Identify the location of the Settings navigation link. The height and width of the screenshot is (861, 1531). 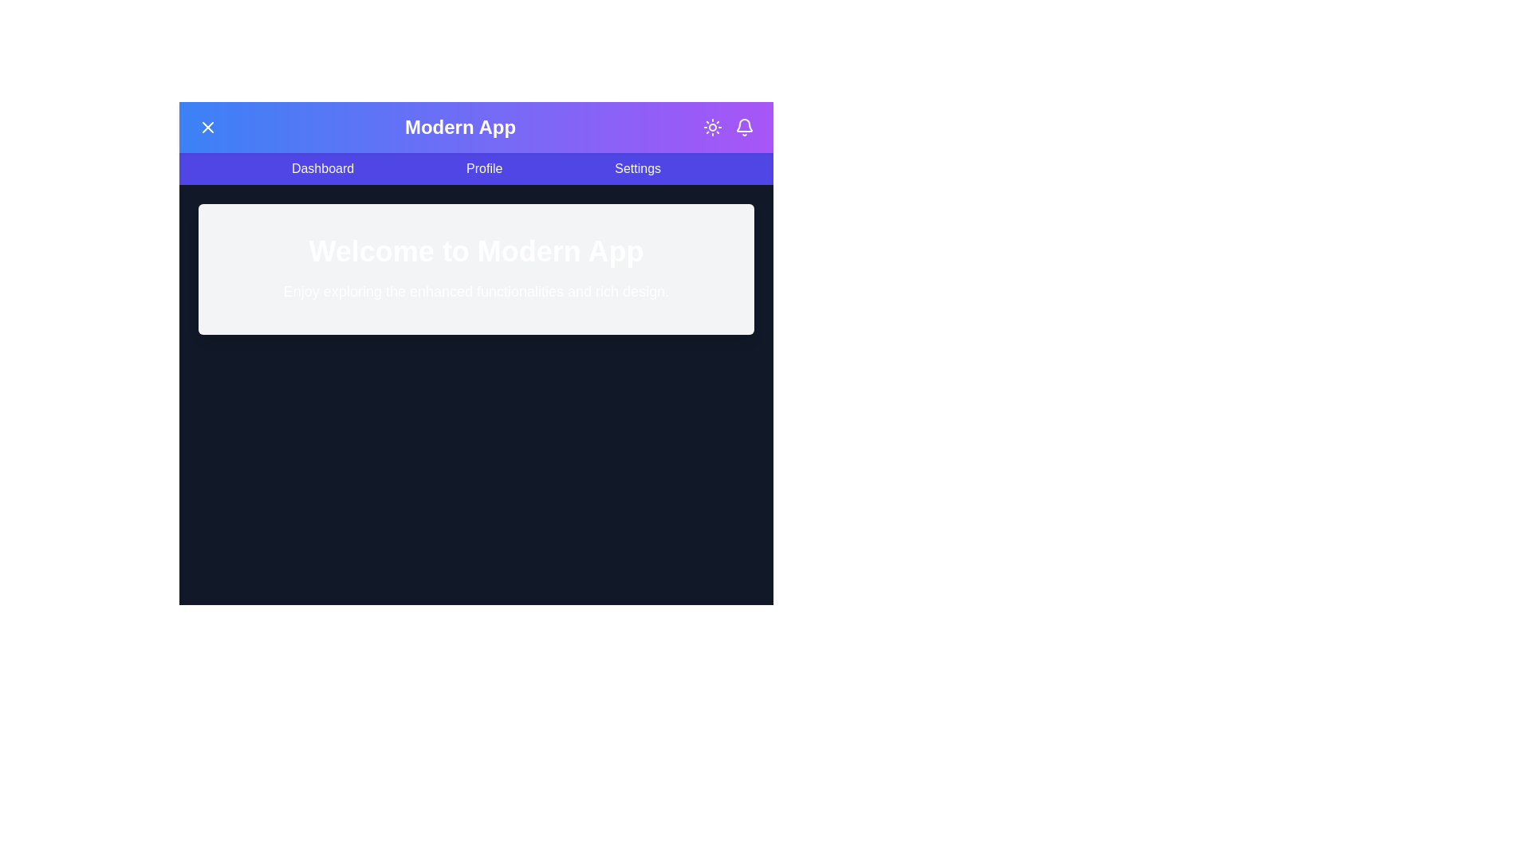
(638, 169).